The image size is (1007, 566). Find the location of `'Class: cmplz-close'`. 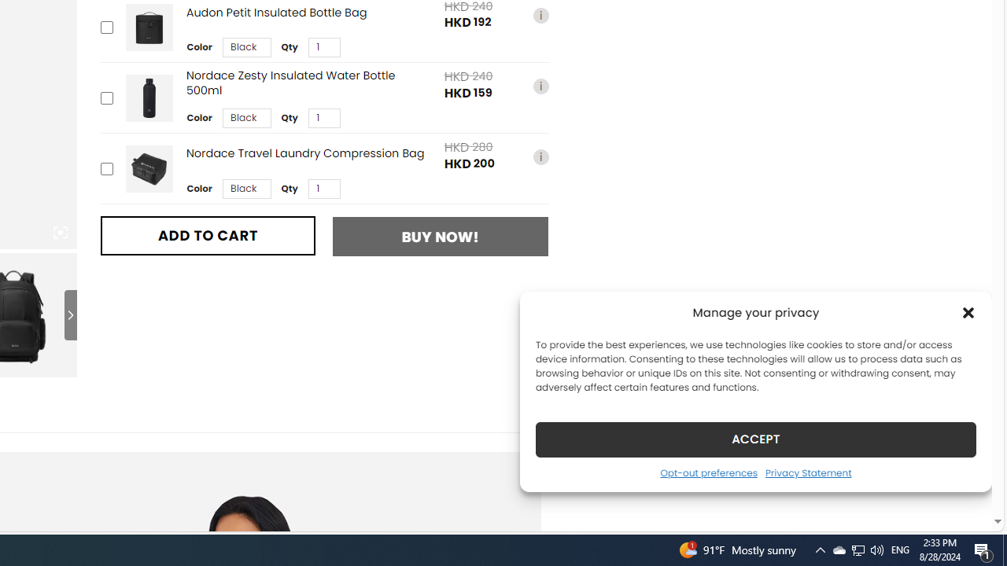

'Class: cmplz-close' is located at coordinates (968, 312).